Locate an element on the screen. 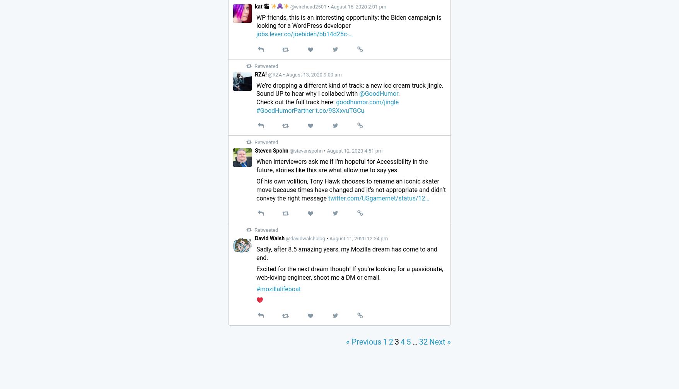 The width and height of the screenshot is (679, 389). '@davidwalshblog' is located at coordinates (305, 238).